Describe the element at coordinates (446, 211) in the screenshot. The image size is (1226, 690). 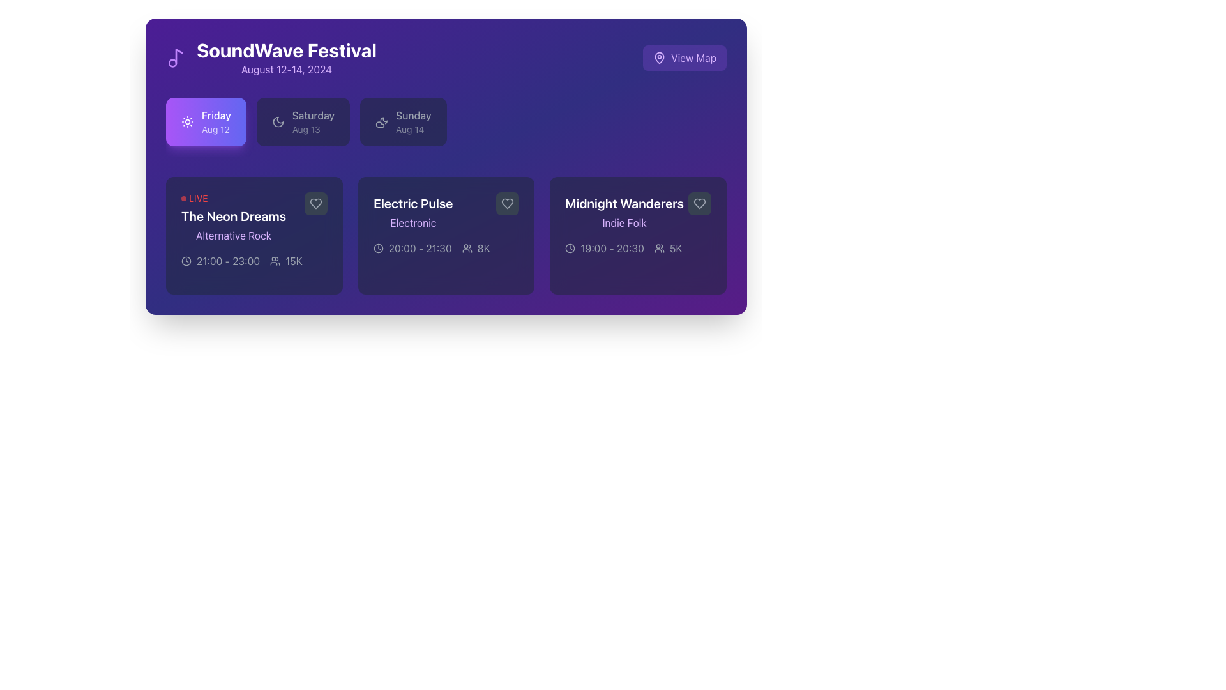
I see `text content of the Text Block that displays 'Electric Pulse' in bold white font and 'Electronic' in light purple font, located in the second event card under the 'Friday, Aug 12' section of the 'SoundWave Festival' interface` at that location.